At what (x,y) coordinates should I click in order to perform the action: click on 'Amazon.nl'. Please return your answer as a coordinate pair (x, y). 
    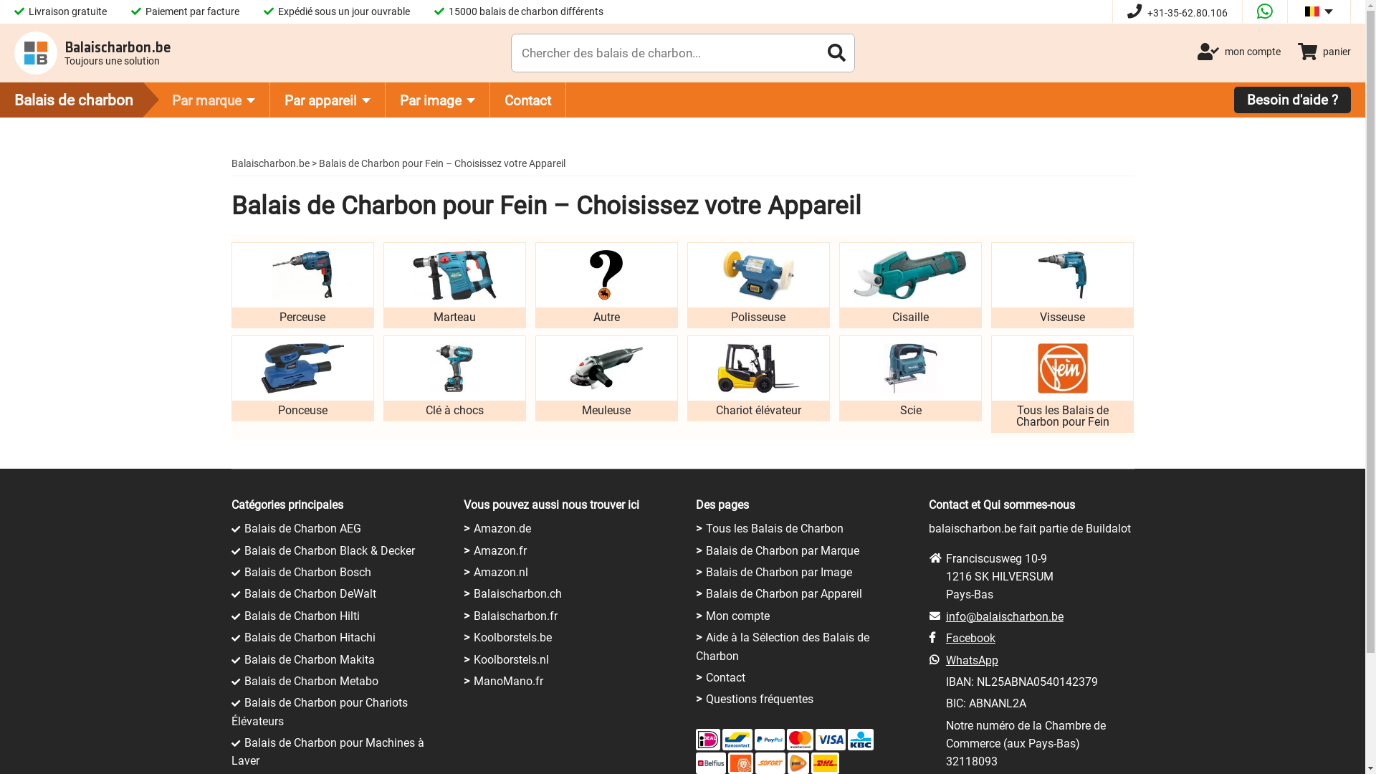
    Looking at the image, I should click on (501, 571).